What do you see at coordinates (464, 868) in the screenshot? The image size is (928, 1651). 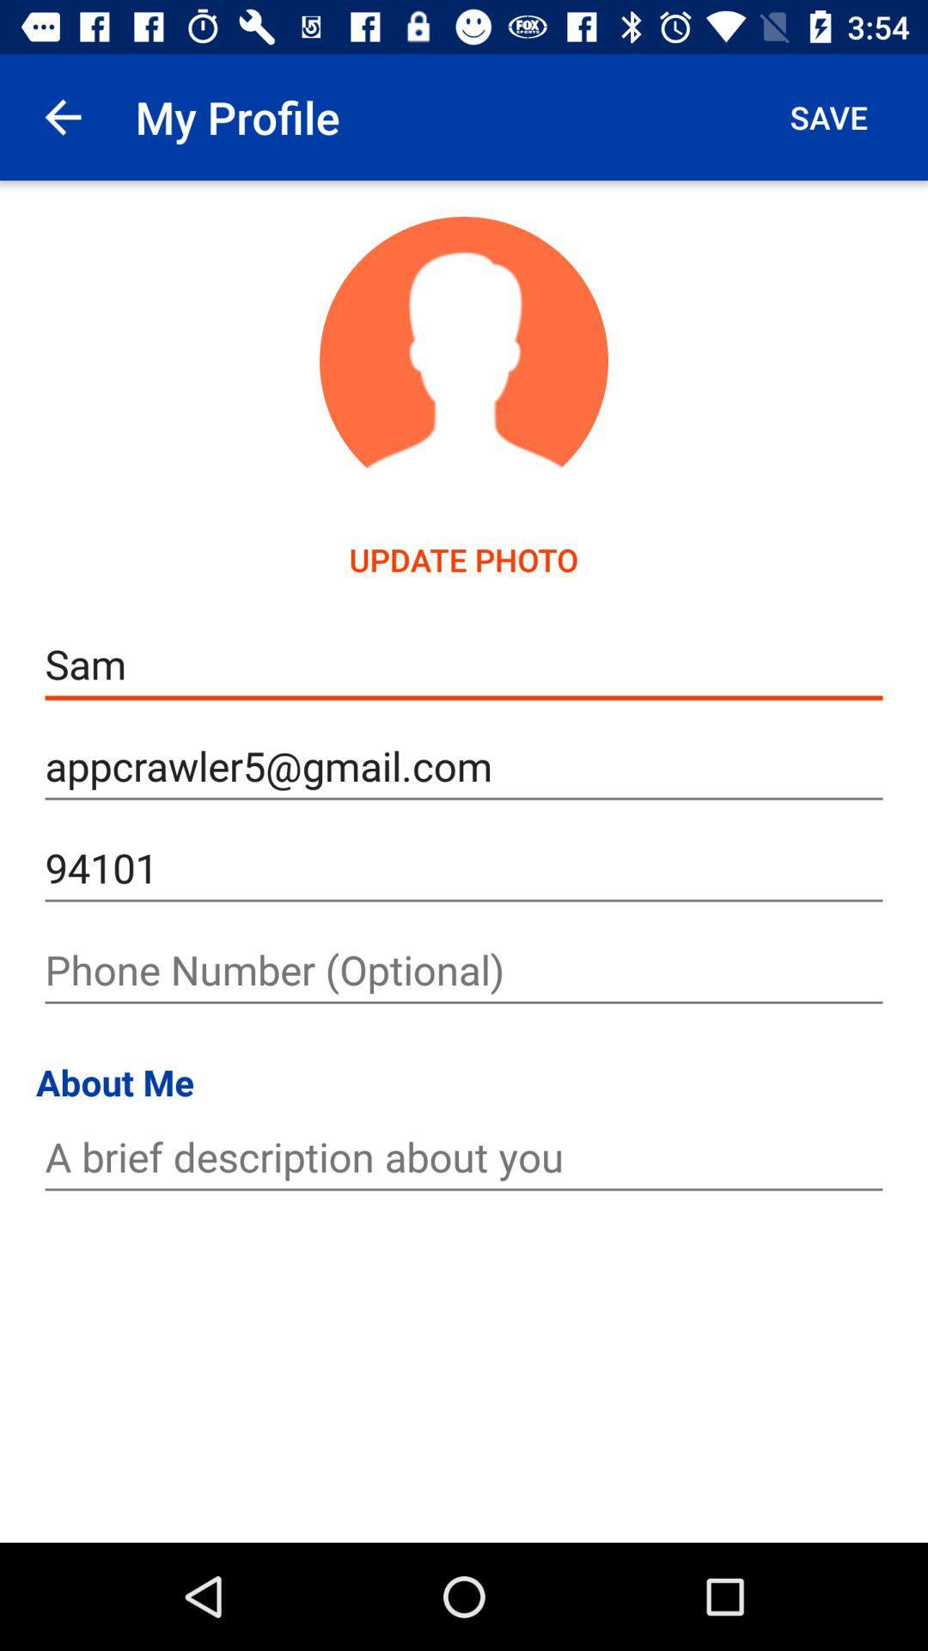 I see `94101 icon` at bounding box center [464, 868].